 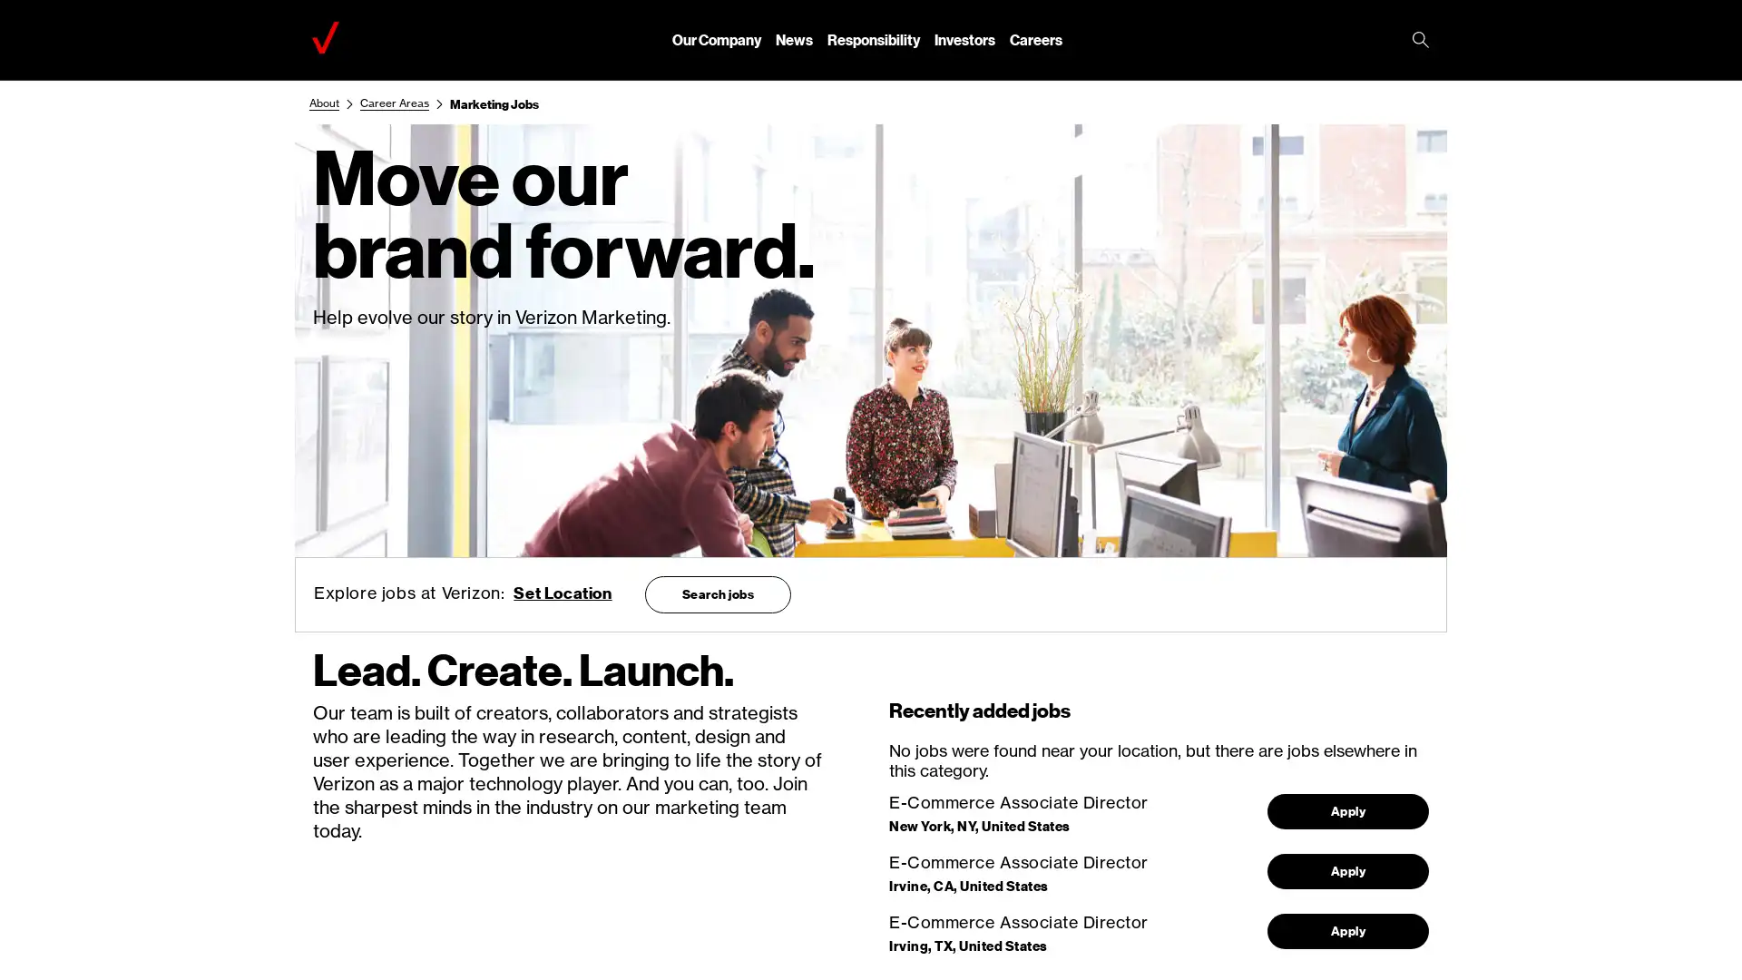 What do you see at coordinates (716, 39) in the screenshot?
I see `Our Company Menu List` at bounding box center [716, 39].